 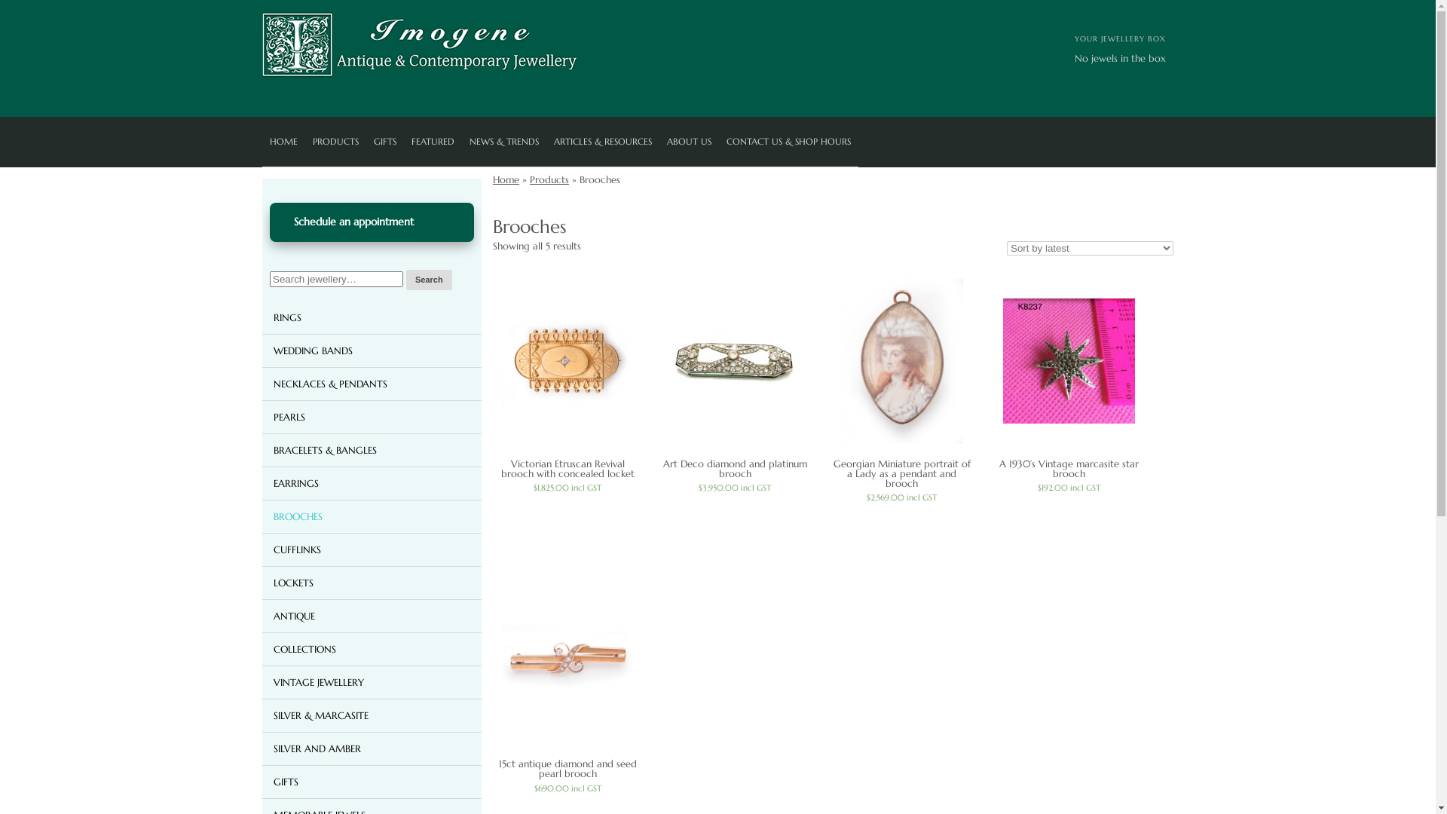 I want to click on 'FEATURED', so click(x=432, y=142).